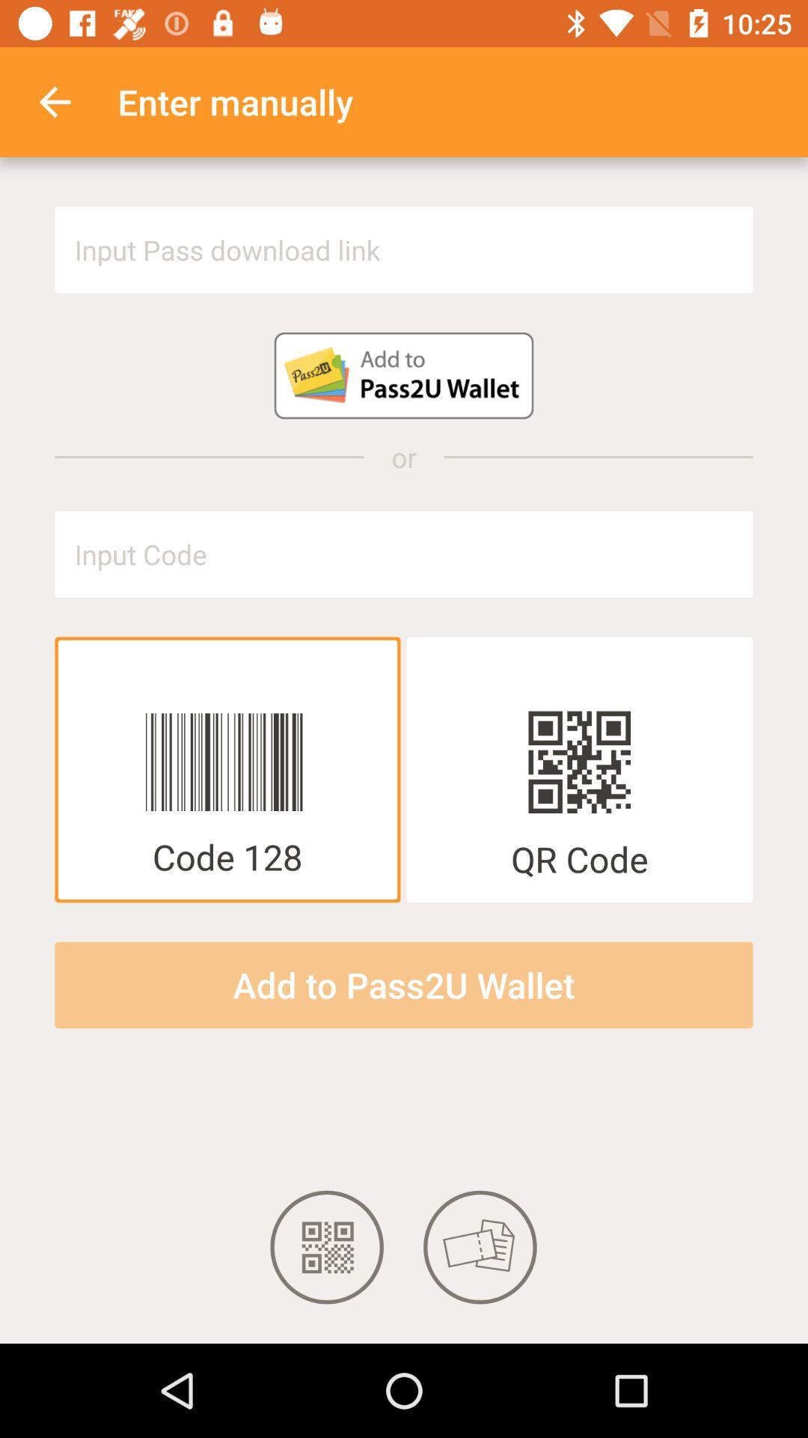  Describe the element at coordinates (327, 1247) in the screenshot. I see `qr code icon` at that location.